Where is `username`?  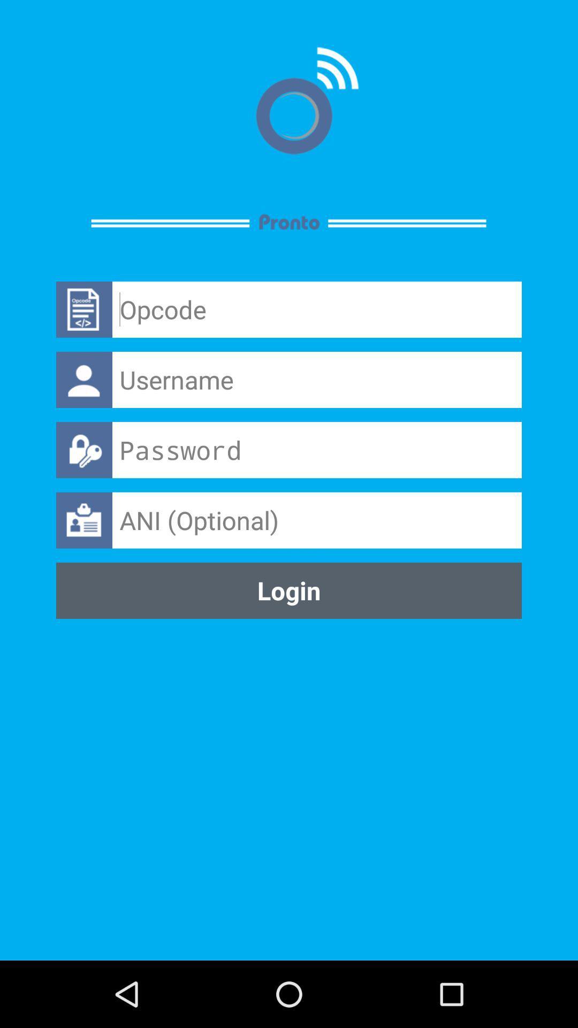
username is located at coordinates (316, 380).